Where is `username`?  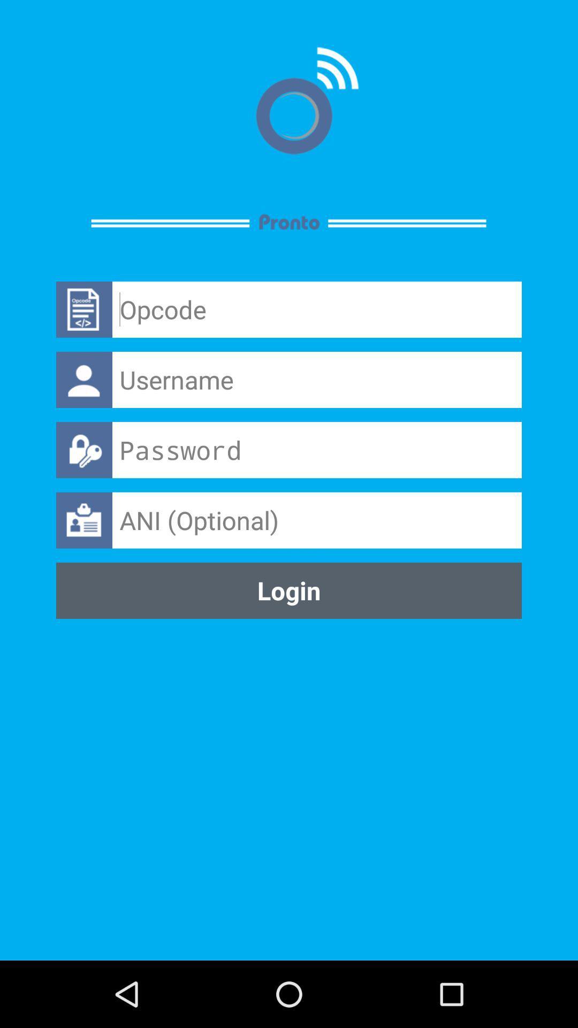
username is located at coordinates (316, 380).